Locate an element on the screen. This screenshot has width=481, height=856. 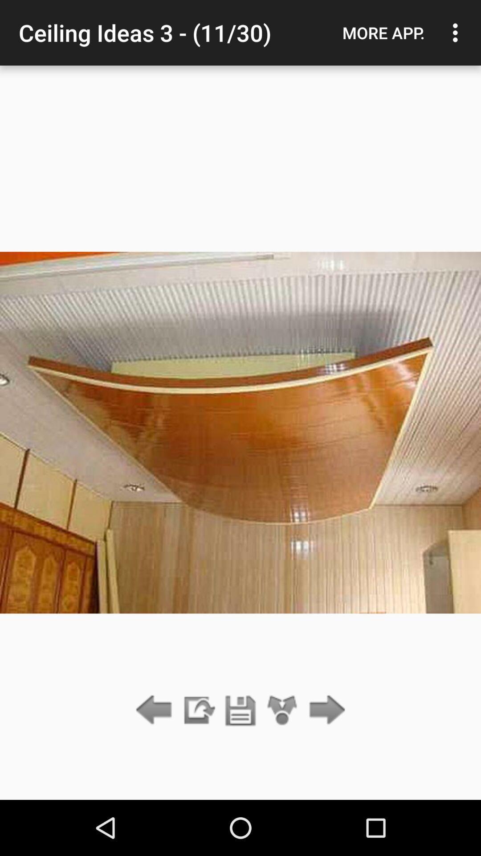
icon to the right of the more app. icon is located at coordinates (457, 33).